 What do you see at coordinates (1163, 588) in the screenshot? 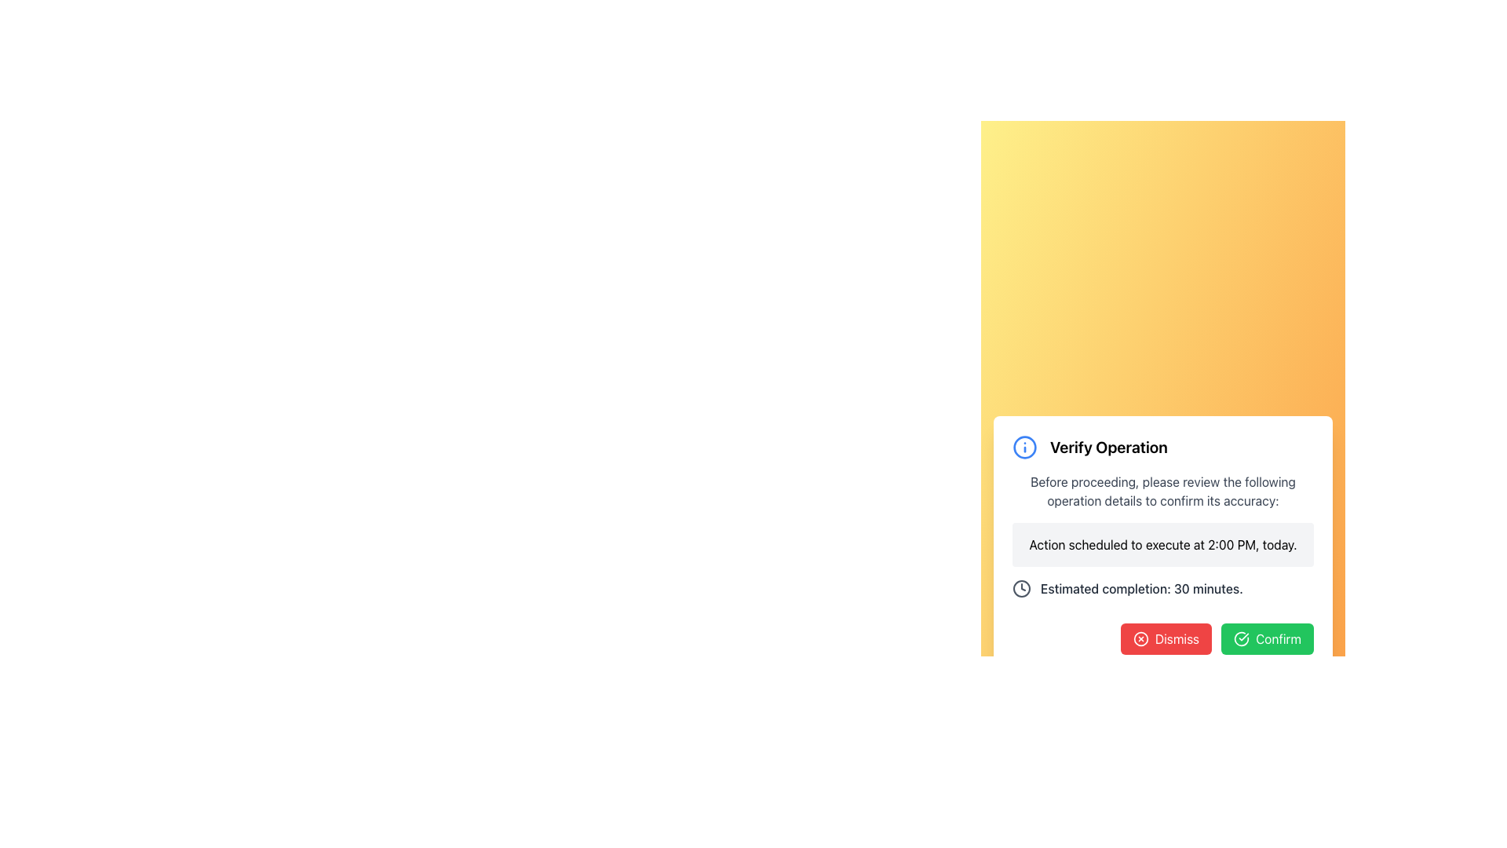
I see `the text with icon element displaying 'Estimated completion: 30 minutes.' located in the confirmation dialog, positioned below the description and above the 'Dismiss' and 'Confirm' buttons` at bounding box center [1163, 588].